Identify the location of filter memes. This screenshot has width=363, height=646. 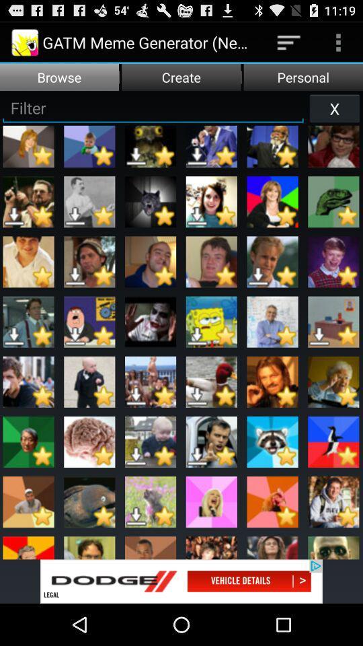
(152, 107).